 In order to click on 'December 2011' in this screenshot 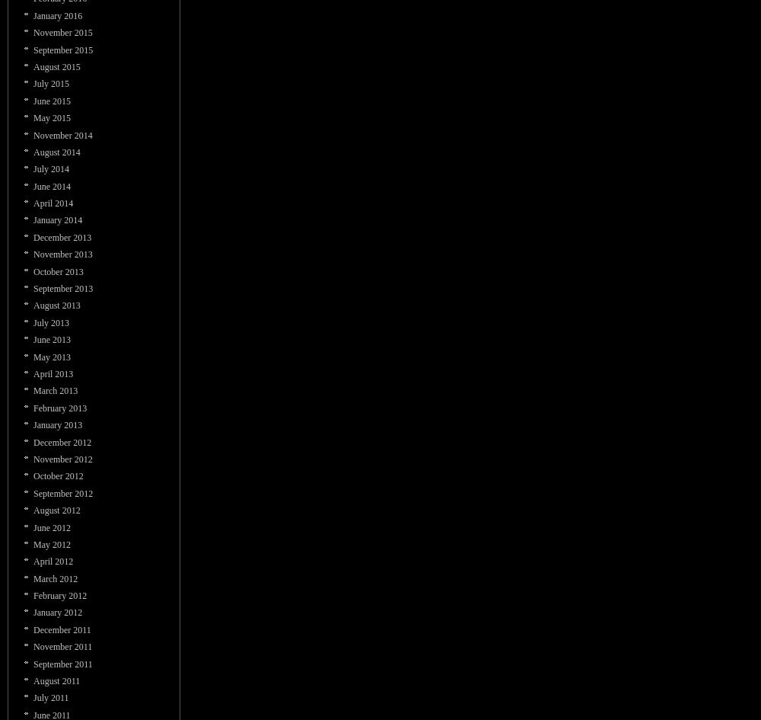, I will do `click(61, 629)`.